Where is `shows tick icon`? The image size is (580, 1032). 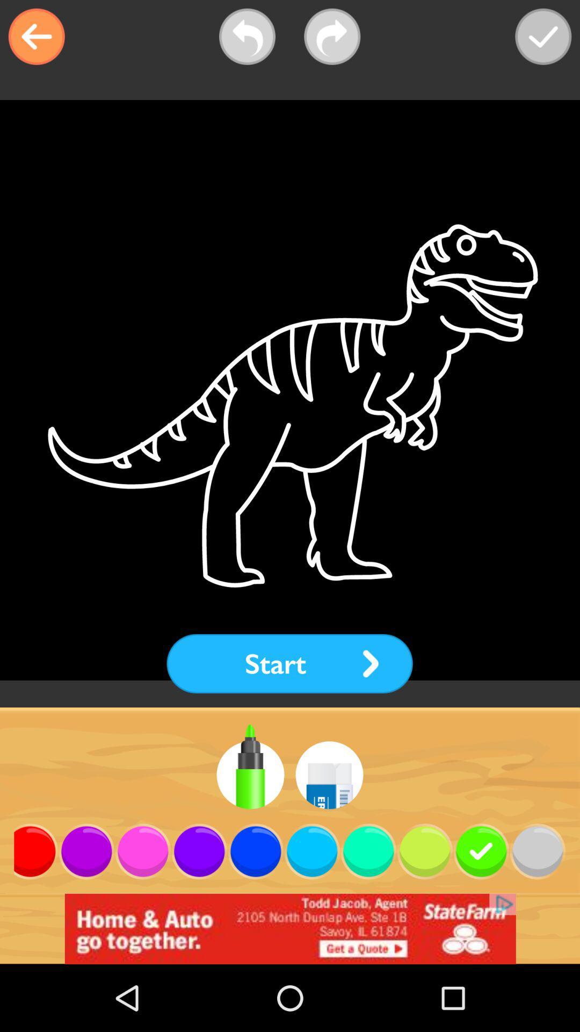
shows tick icon is located at coordinates (543, 37).